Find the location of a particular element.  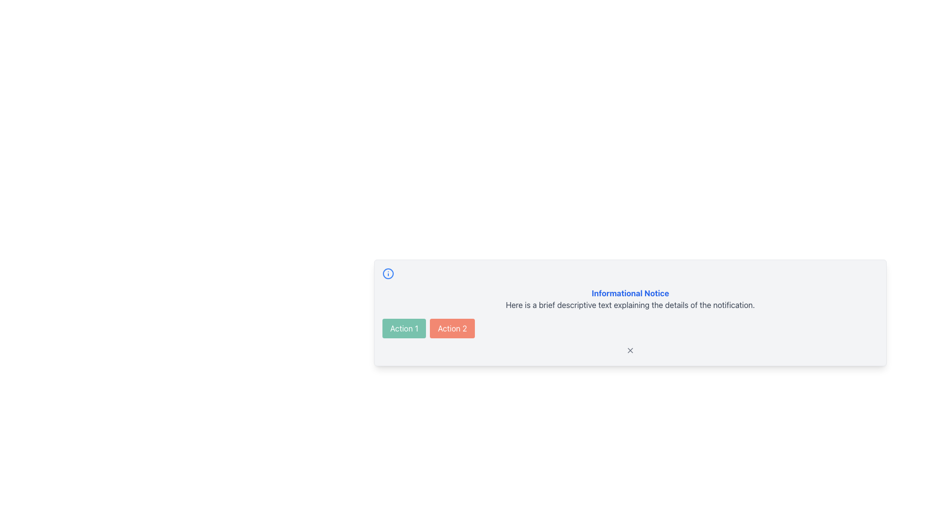

the small cross-like icon located at the bottom center of the notification area, which is part of an informational notice containing a title and buttons above it is located at coordinates (630, 352).